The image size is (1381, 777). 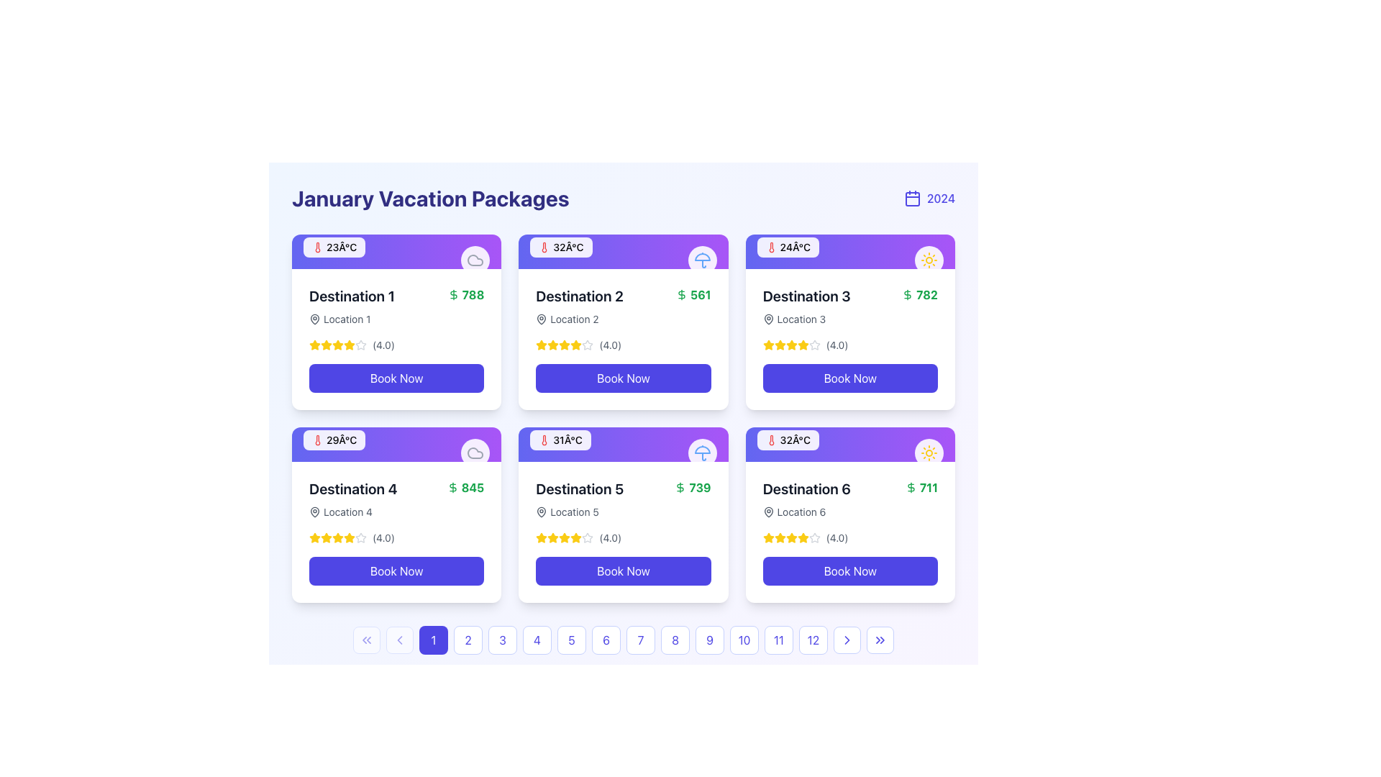 I want to click on the textual header and subtext group that identifies the travel package's destination name and location, which is located on the third card in the first row of the grid layout, so click(x=806, y=305).